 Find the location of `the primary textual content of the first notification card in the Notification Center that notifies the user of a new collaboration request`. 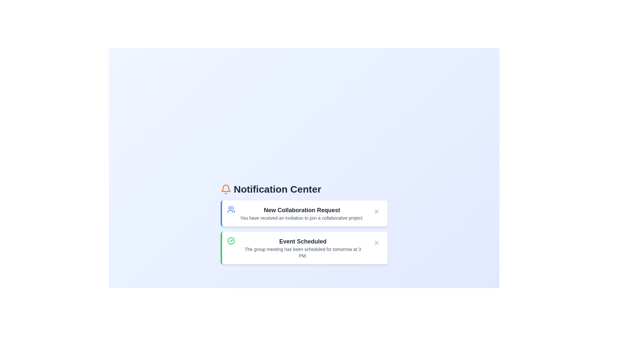

the primary textual content of the first notification card in the Notification Center that notifies the user of a new collaboration request is located at coordinates (302, 213).